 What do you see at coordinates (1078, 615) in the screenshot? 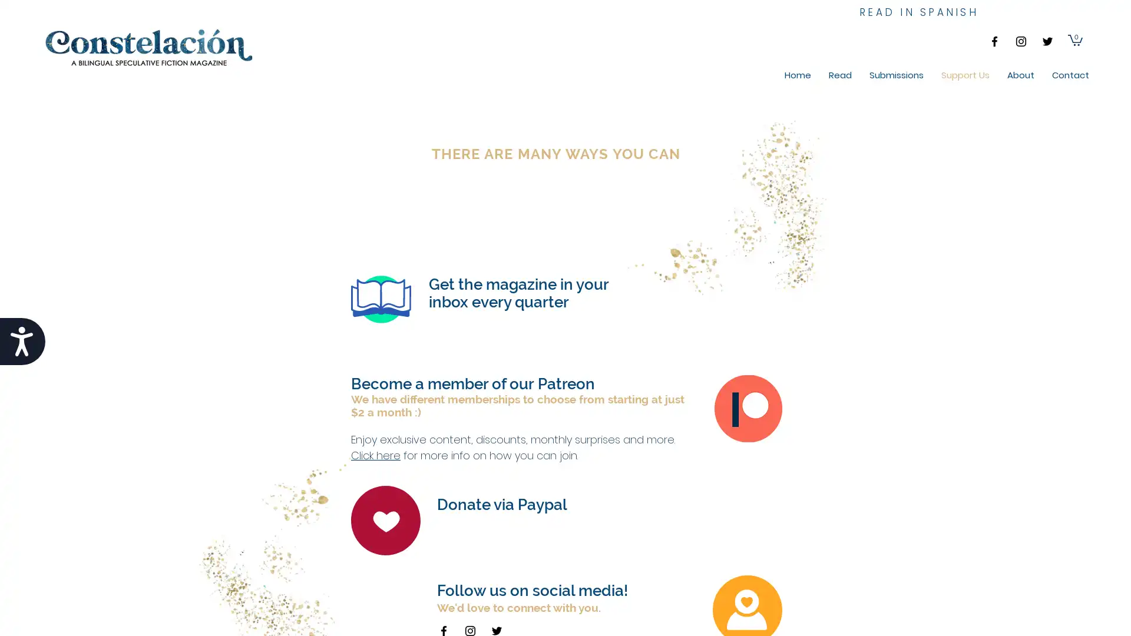
I see `Accept` at bounding box center [1078, 615].